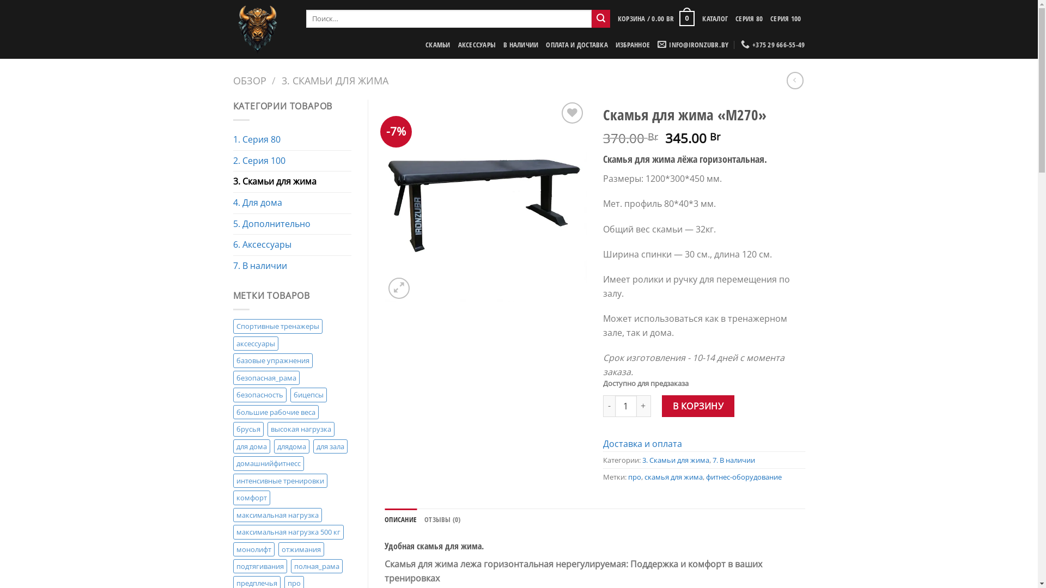 This screenshot has width=1046, height=588. What do you see at coordinates (615, 406) in the screenshot?
I see `'Qty'` at bounding box center [615, 406].